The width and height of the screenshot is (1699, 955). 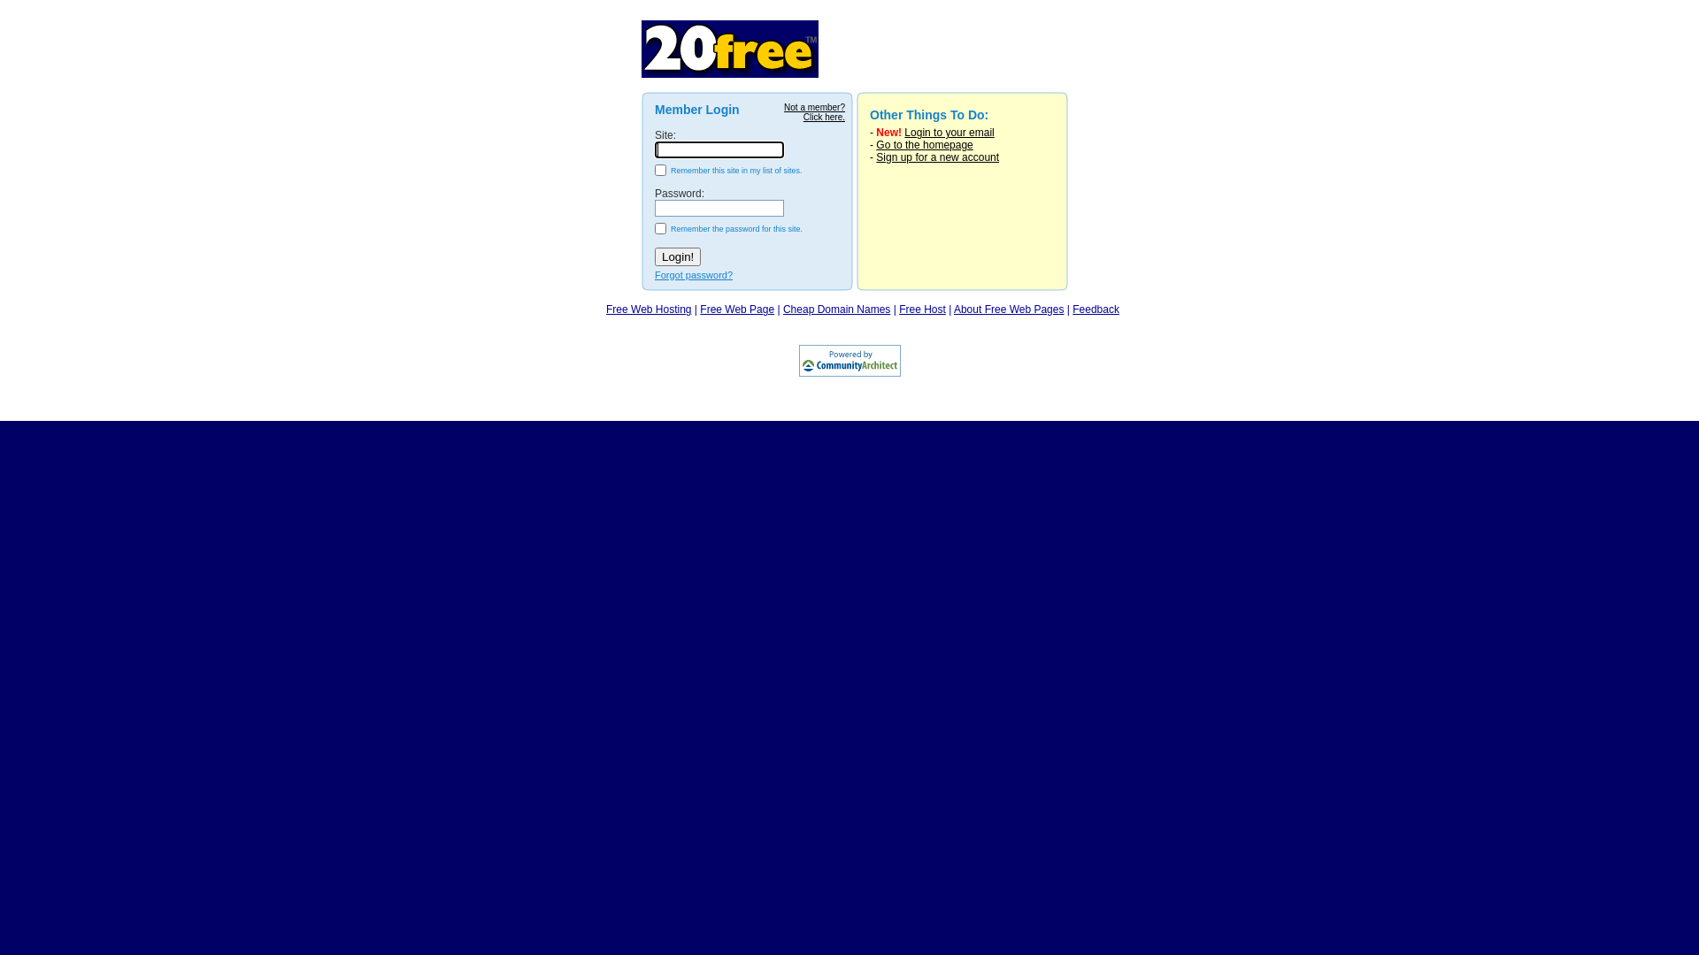 What do you see at coordinates (948, 132) in the screenshot?
I see `'Login to your email'` at bounding box center [948, 132].